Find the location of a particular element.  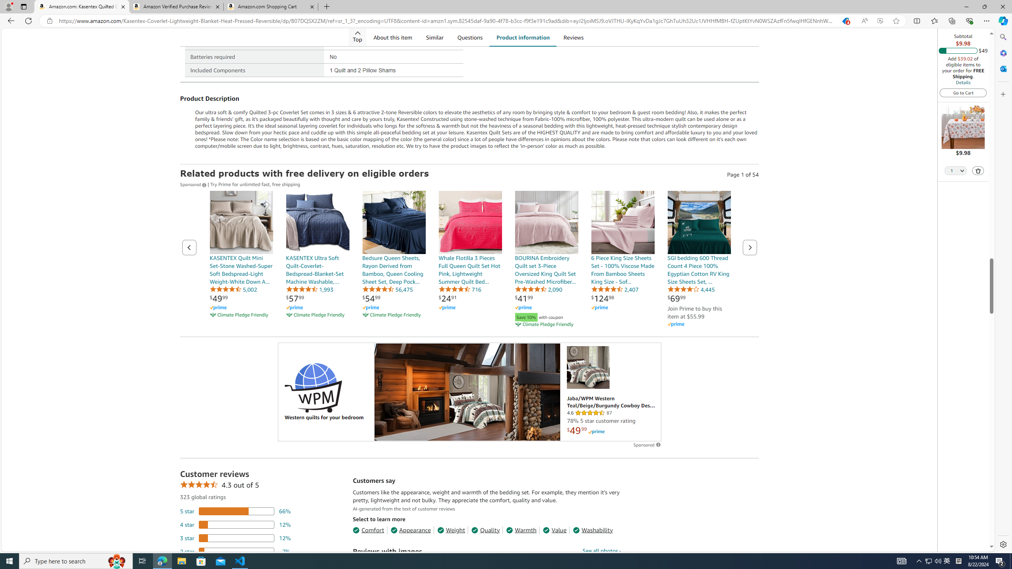

'Shopping in Microsoft Edge' is located at coordinates (845, 21).